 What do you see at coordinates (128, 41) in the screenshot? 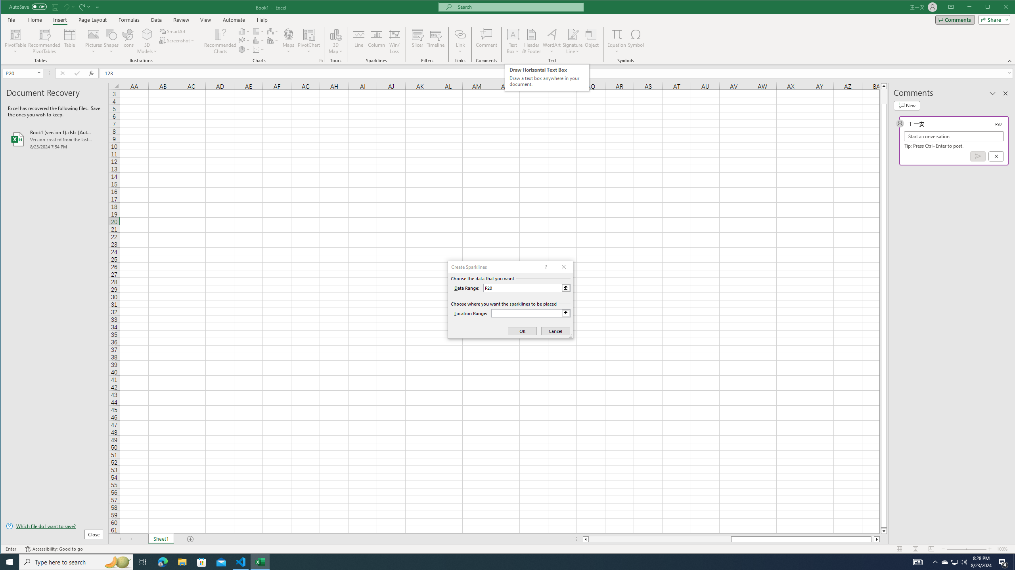
I see `'Icons'` at bounding box center [128, 41].